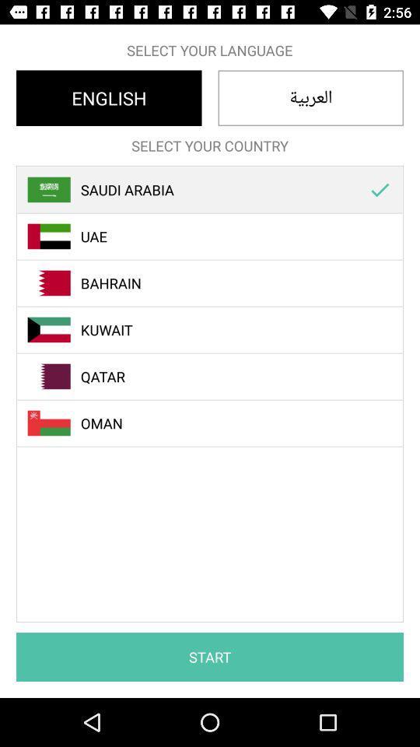 The width and height of the screenshot is (420, 747). Describe the element at coordinates (310, 97) in the screenshot. I see `the icon next to the english icon` at that location.